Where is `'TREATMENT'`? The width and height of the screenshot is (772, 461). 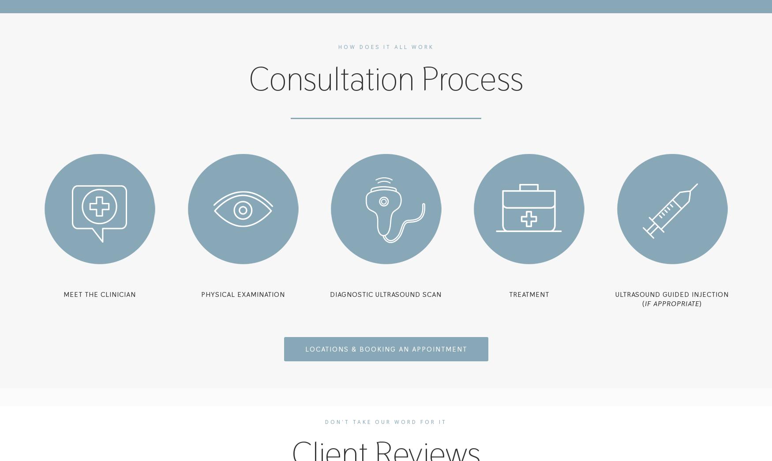
'TREATMENT' is located at coordinates (508, 294).